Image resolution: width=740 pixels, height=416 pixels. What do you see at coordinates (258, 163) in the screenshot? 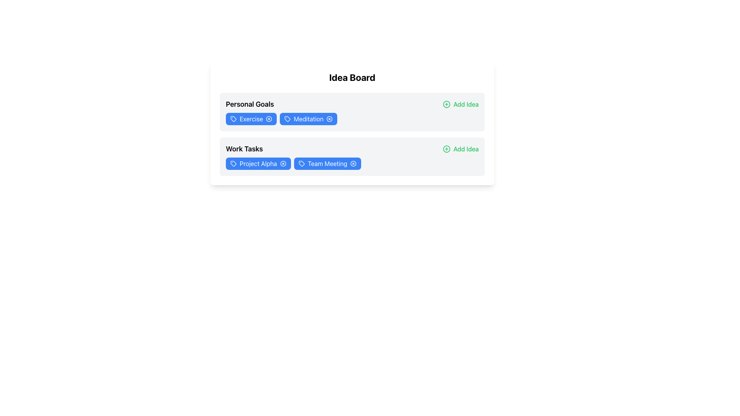
I see `the first pill-shaped tag for 'Project Alpha' located under the 'Work Tasks' section, positioned before 'Team Meeting'` at bounding box center [258, 163].